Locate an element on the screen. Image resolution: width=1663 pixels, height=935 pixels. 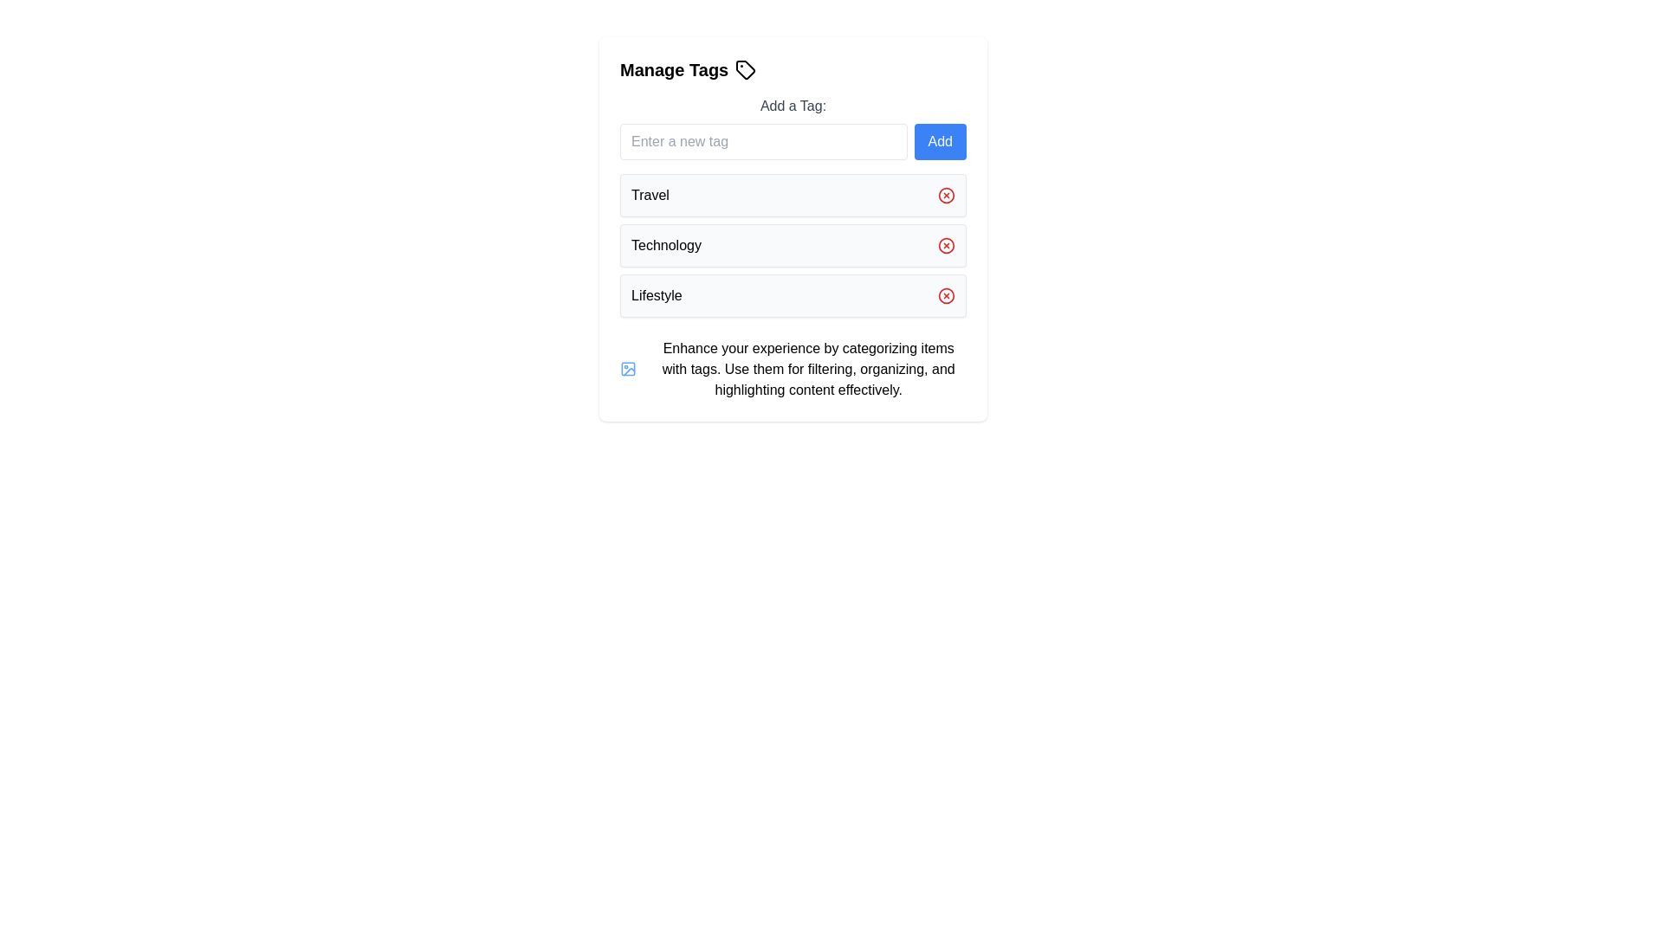
the decorative icon representing tags or categorization, located to the left of the 'Manage Tags' text in the heading area is located at coordinates (746, 69).